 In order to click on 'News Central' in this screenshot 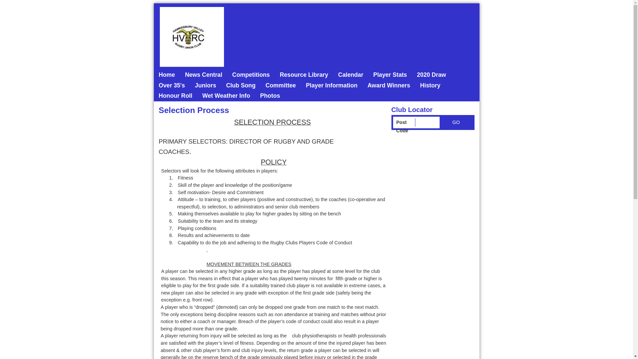, I will do `click(203, 75)`.